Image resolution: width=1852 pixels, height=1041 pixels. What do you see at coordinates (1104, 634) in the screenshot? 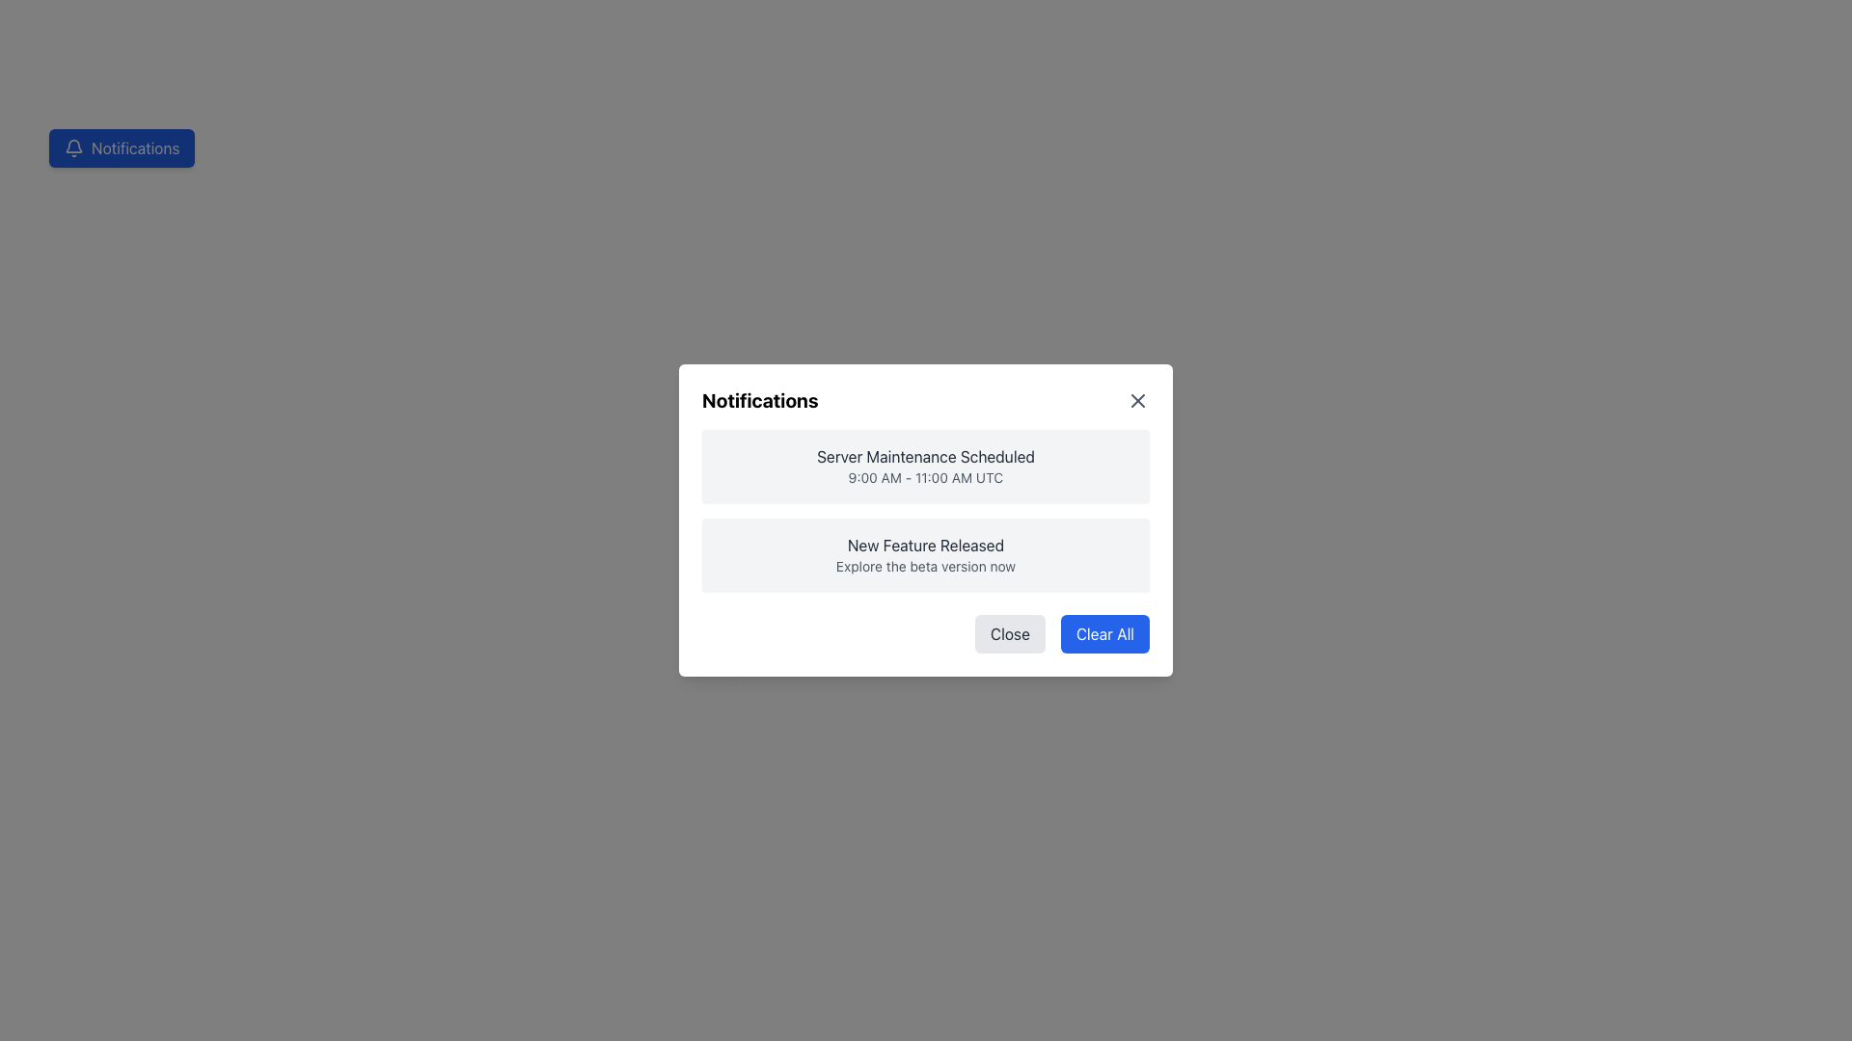
I see `the 'Clear All' button, which is a rectangular button with rounded corners and a blue background, located at the bottom-right corner of the modal` at bounding box center [1104, 634].